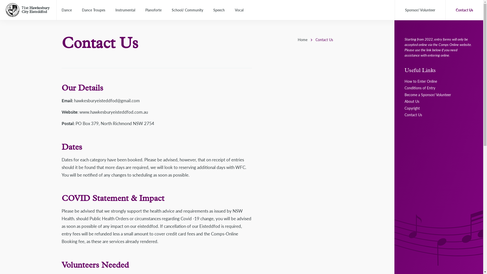  Describe the element at coordinates (94, 10) in the screenshot. I see `'Dance Troupes'` at that location.